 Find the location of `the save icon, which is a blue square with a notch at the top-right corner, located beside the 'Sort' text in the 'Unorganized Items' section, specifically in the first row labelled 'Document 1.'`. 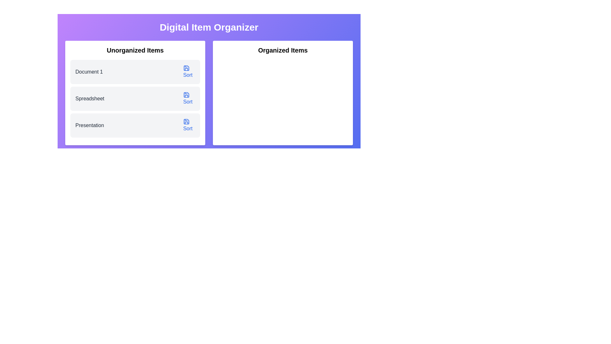

the save icon, which is a blue square with a notch at the top-right corner, located beside the 'Sort' text in the 'Unorganized Items' section, specifically in the first row labelled 'Document 1.' is located at coordinates (186, 68).